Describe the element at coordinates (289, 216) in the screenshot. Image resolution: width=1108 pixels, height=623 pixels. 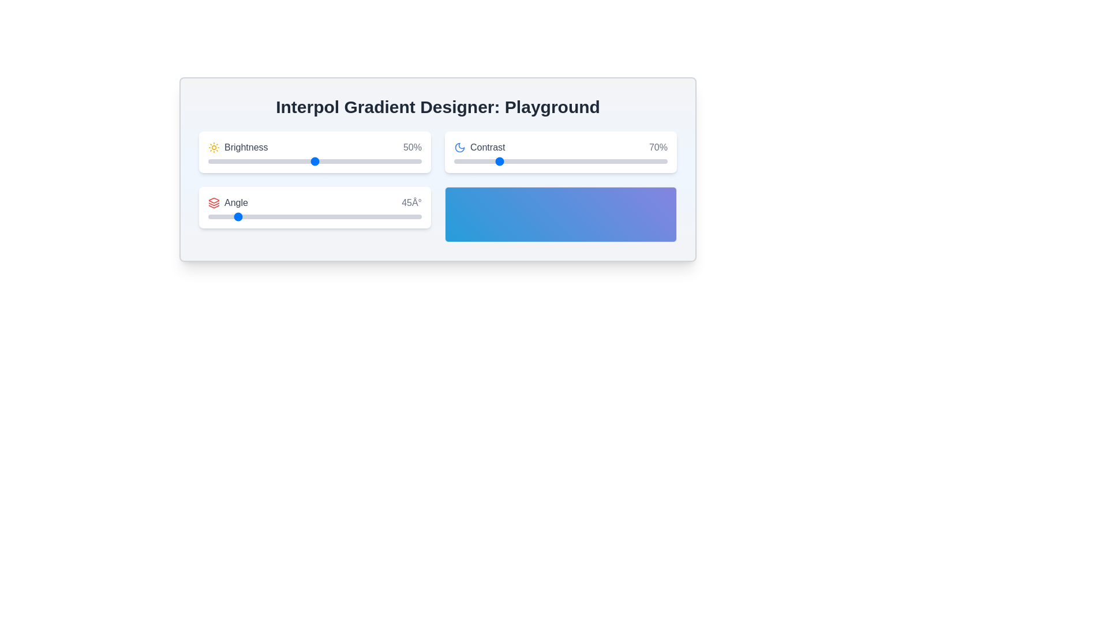
I see `the angle slider` at that location.